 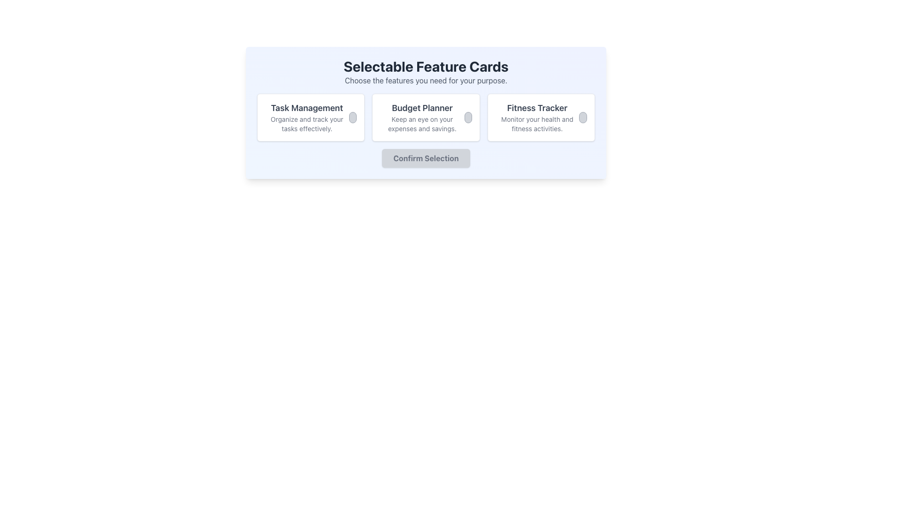 I want to click on the 'Budget Planner' feature-selectable card located in the center of the layout, so click(x=421, y=117).